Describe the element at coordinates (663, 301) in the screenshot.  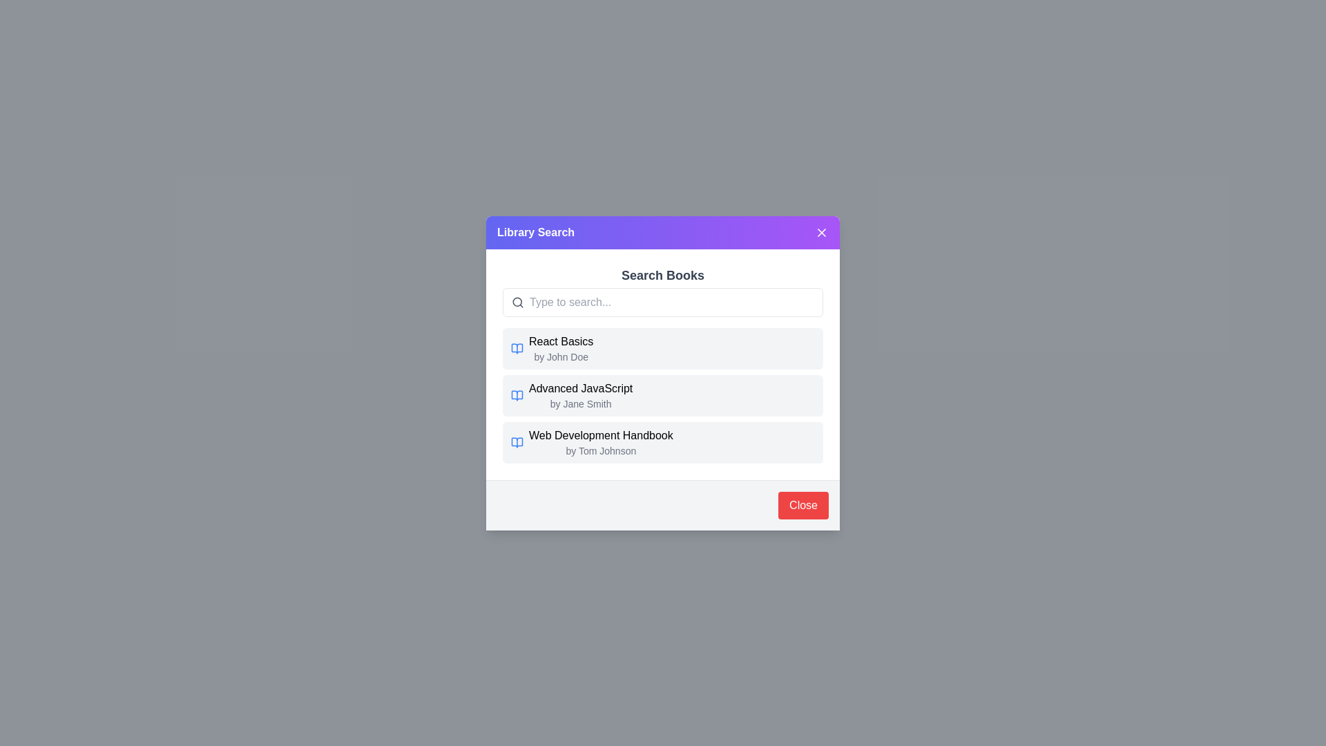
I see `inside the search input field with a rounded border and light gray background in the 'Search Books' dialog box to focus on it` at that location.